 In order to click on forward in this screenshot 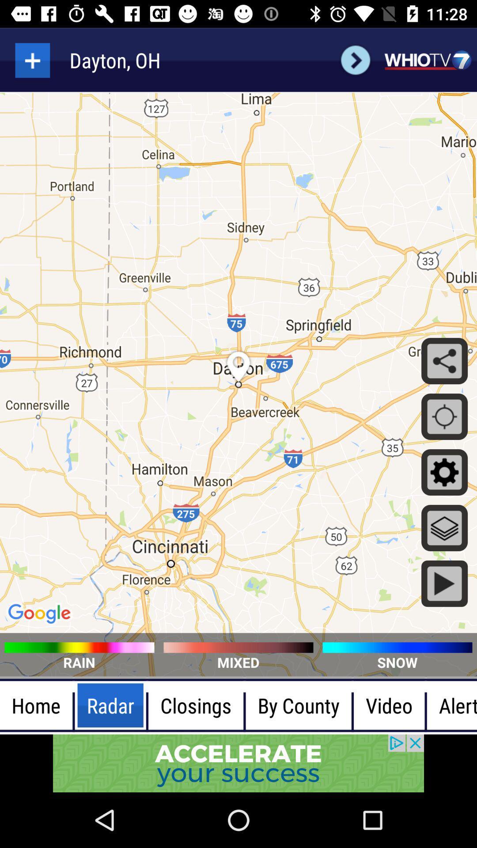, I will do `click(355, 60)`.